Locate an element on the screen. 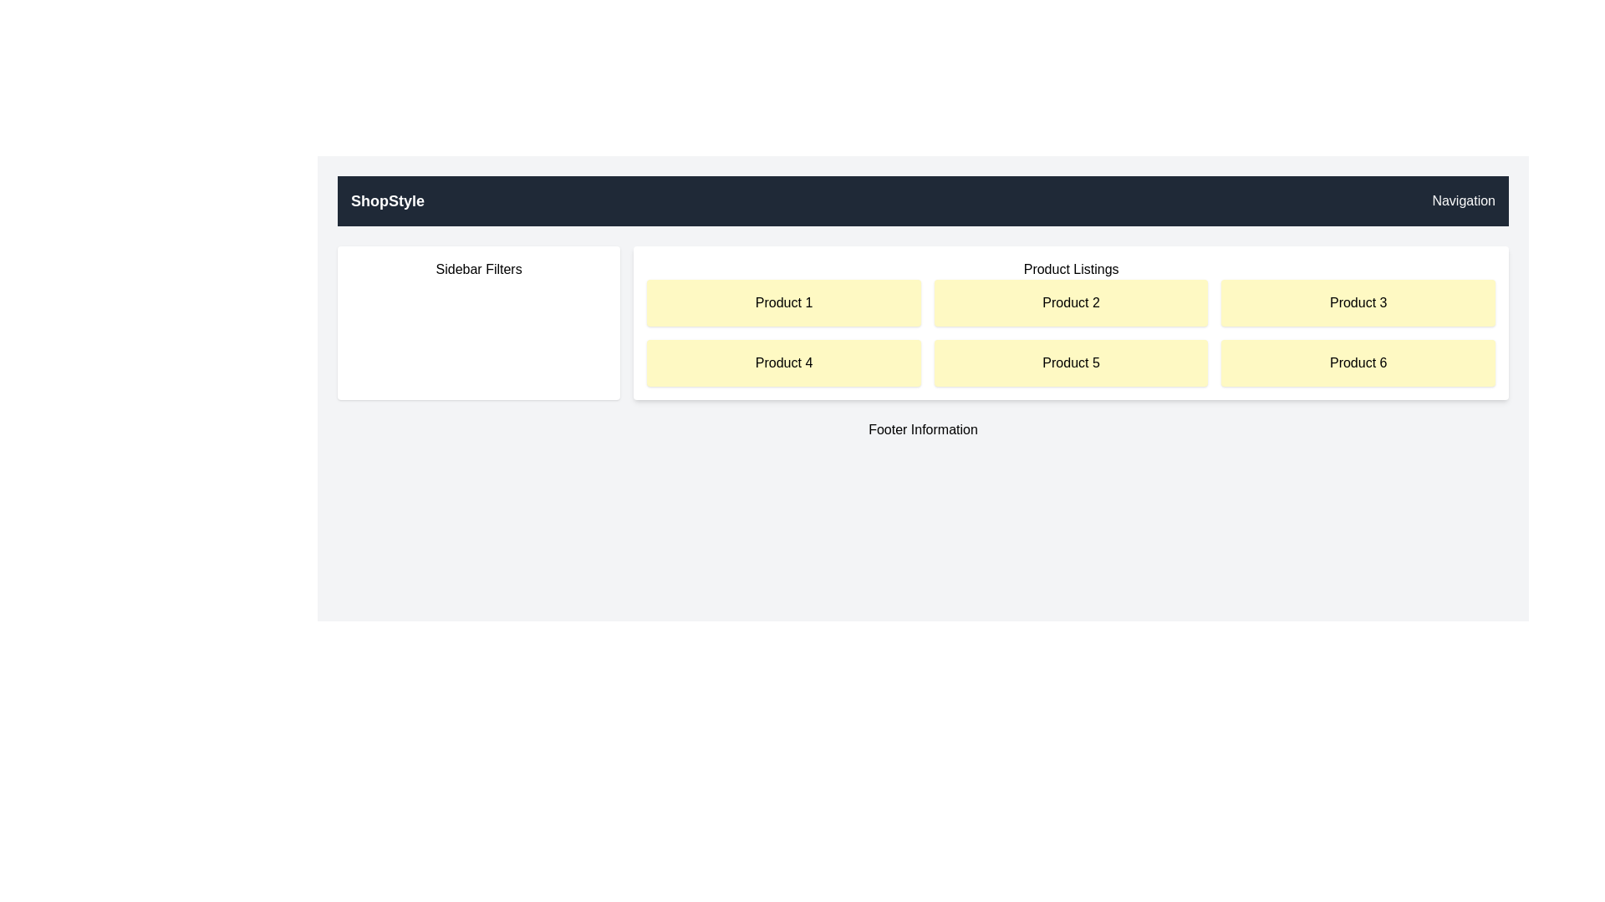 The image size is (1605, 902). the Static display box with a light yellow background containing the text 'Product 6', located in the second row, third column of the grid under 'Product Listings' is located at coordinates (1358, 362).